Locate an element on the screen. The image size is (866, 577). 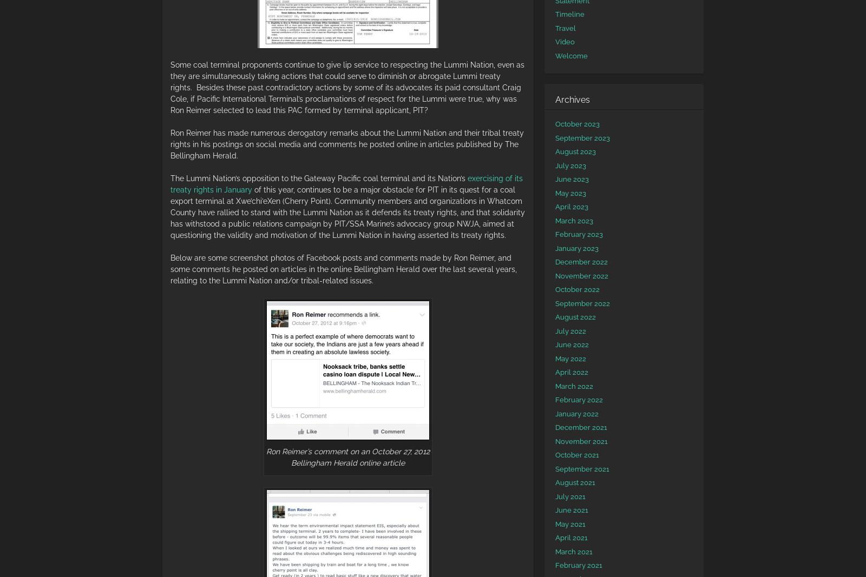
'December 2022' is located at coordinates (555, 261).